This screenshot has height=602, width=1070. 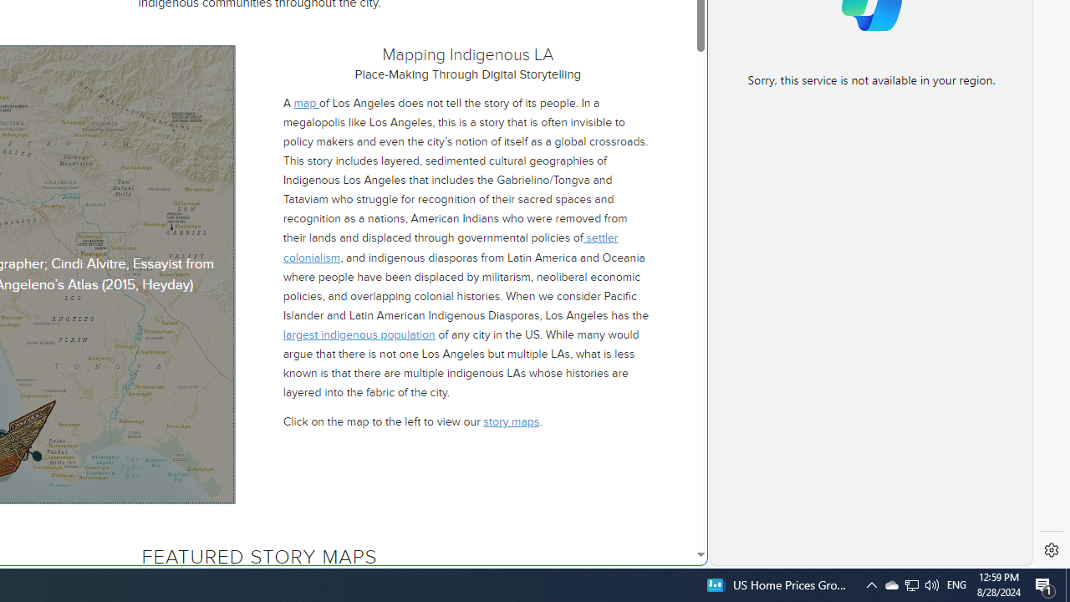 What do you see at coordinates (511, 421) in the screenshot?
I see `'story maps'` at bounding box center [511, 421].